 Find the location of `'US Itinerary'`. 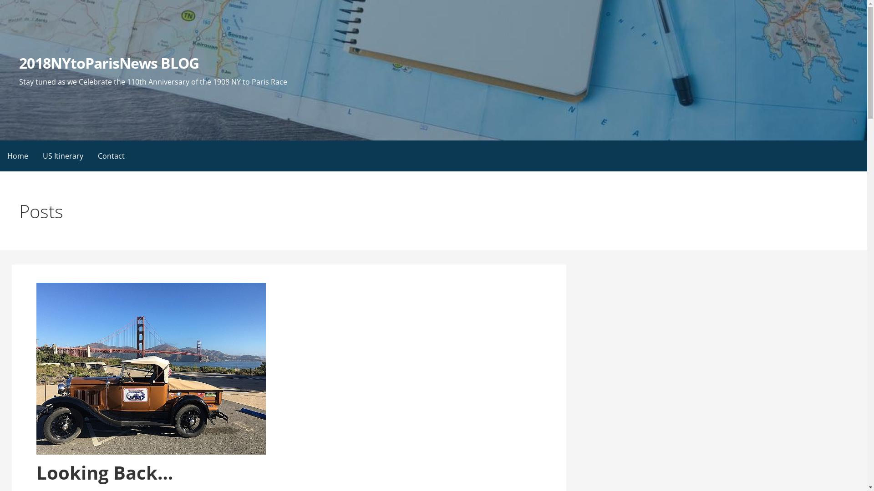

'US Itinerary' is located at coordinates (62, 155).